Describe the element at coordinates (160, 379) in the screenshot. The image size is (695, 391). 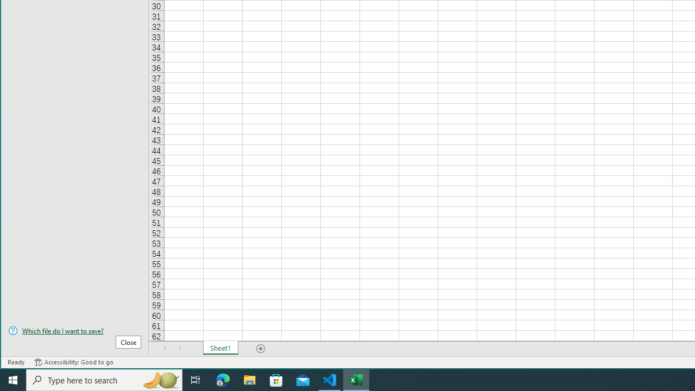
I see `'Search highlights icon opens search home window'` at that location.